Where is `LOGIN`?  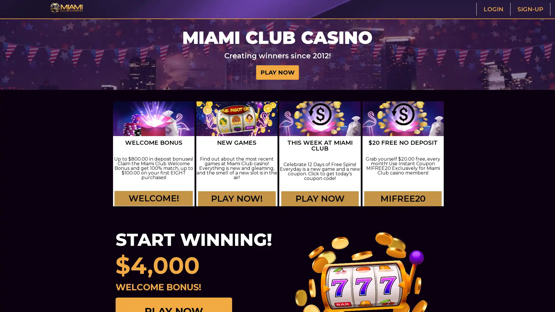 LOGIN is located at coordinates (493, 9).